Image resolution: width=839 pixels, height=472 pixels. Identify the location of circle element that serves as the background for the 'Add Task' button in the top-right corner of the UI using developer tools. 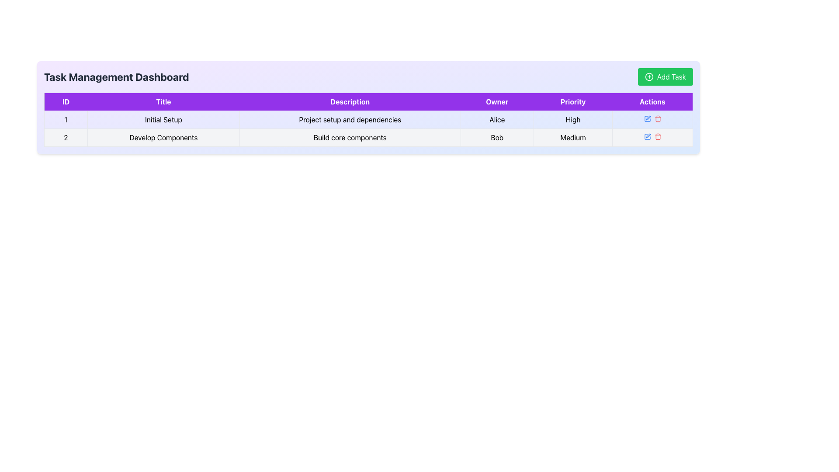
(649, 76).